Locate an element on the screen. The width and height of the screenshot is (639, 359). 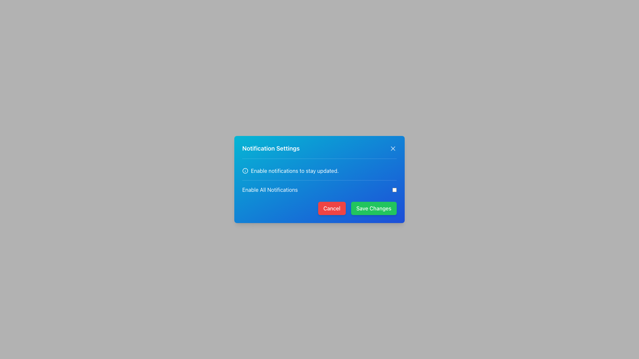
the information icon located immediately to the left of the text 'Enable notifications to stay updated.' in the notification settings dialog at the top center of the interface is located at coordinates (245, 170).